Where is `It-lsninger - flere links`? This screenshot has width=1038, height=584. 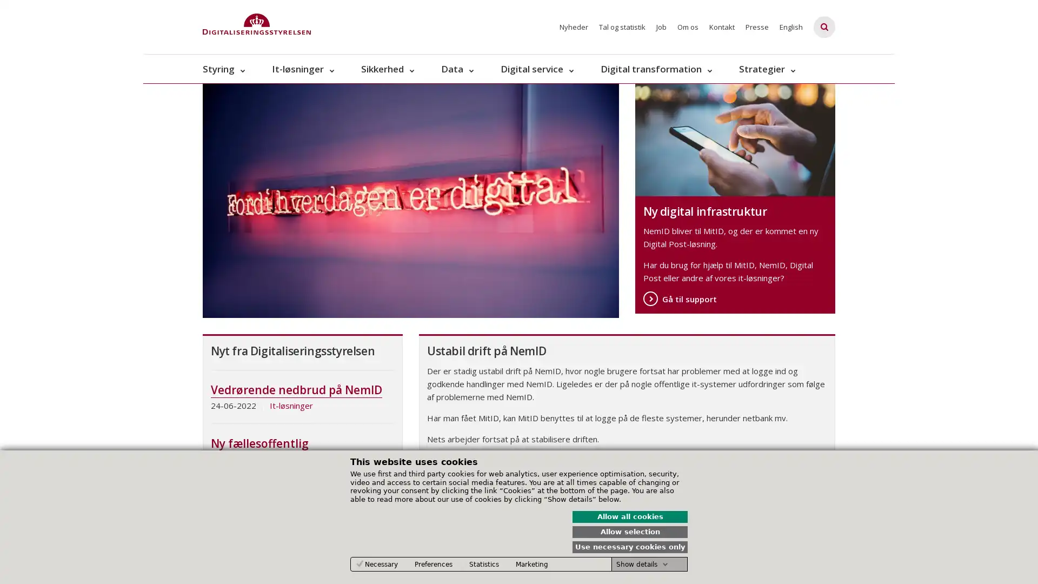
It-lsninger - flere links is located at coordinates (331, 69).